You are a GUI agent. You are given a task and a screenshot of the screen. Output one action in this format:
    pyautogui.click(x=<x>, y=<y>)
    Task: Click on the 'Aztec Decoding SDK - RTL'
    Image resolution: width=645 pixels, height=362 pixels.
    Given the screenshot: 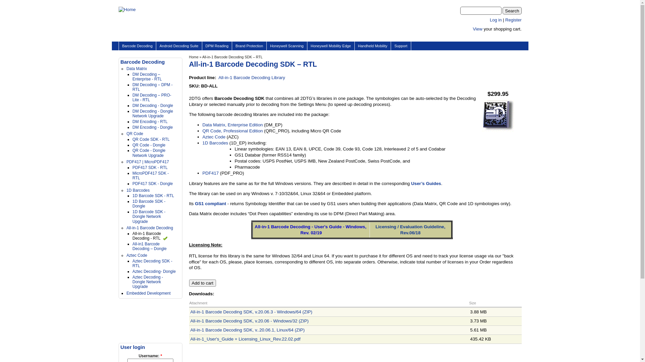 What is the action you would take?
    pyautogui.click(x=152, y=263)
    